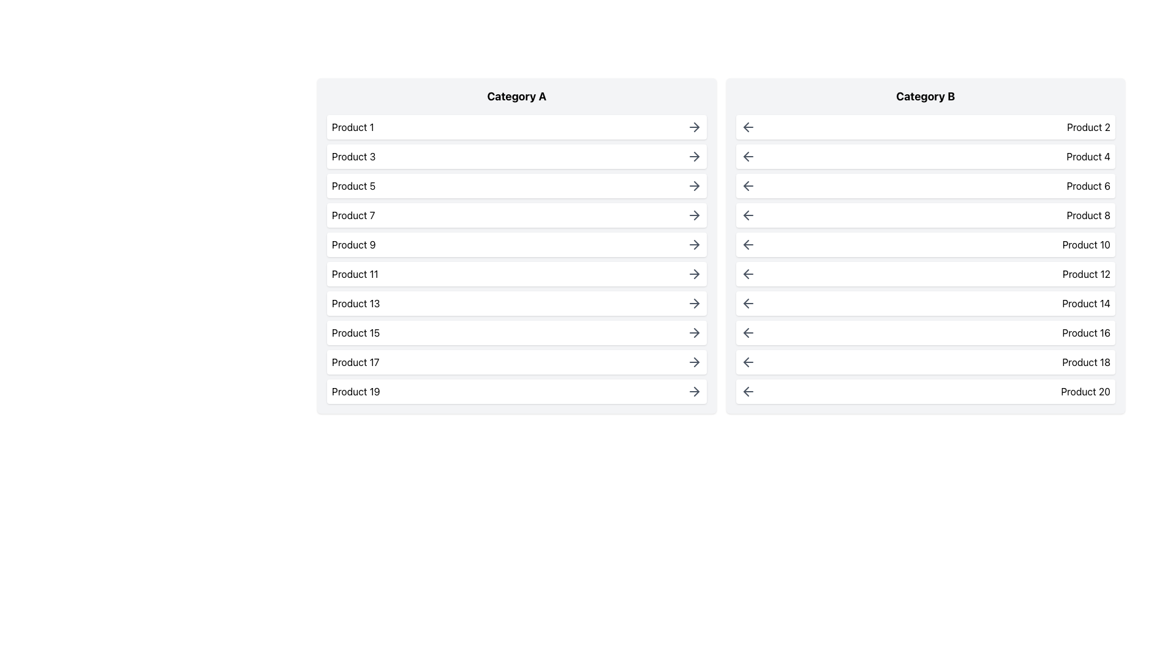  What do you see at coordinates (925, 245) in the screenshot?
I see `the selectable item representing 'Product 10' in the 'Category B' section` at bounding box center [925, 245].